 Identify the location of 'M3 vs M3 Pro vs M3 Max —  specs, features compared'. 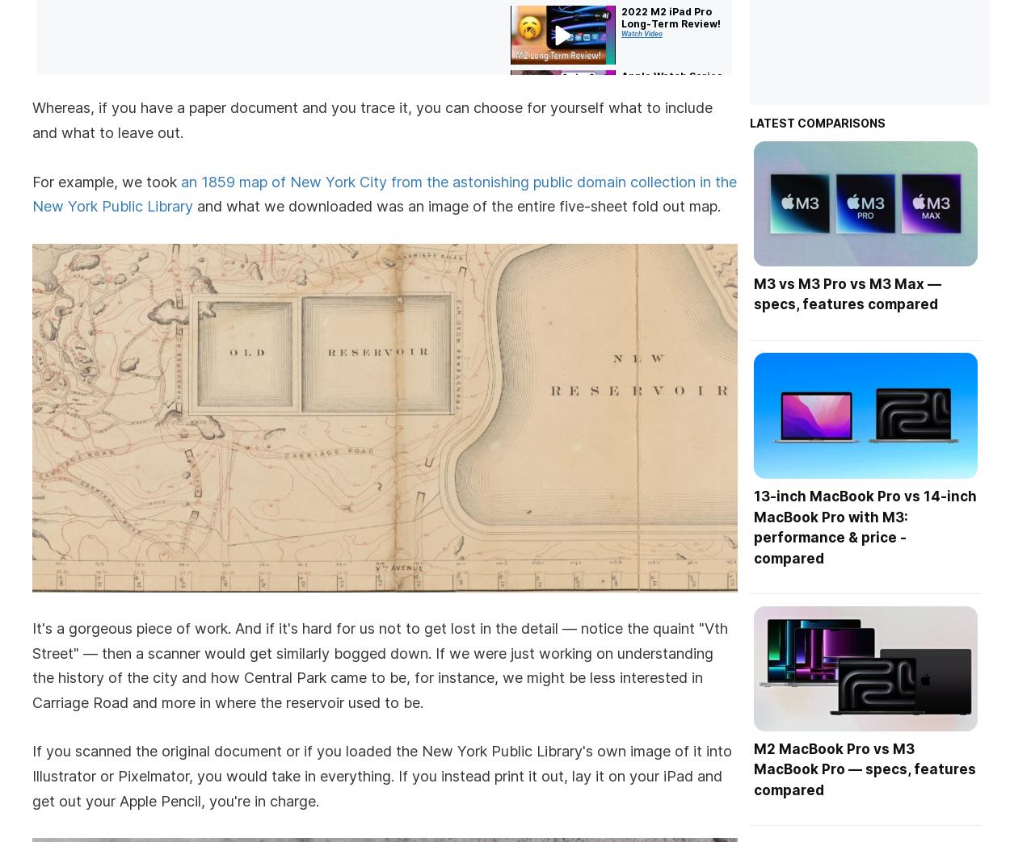
(847, 293).